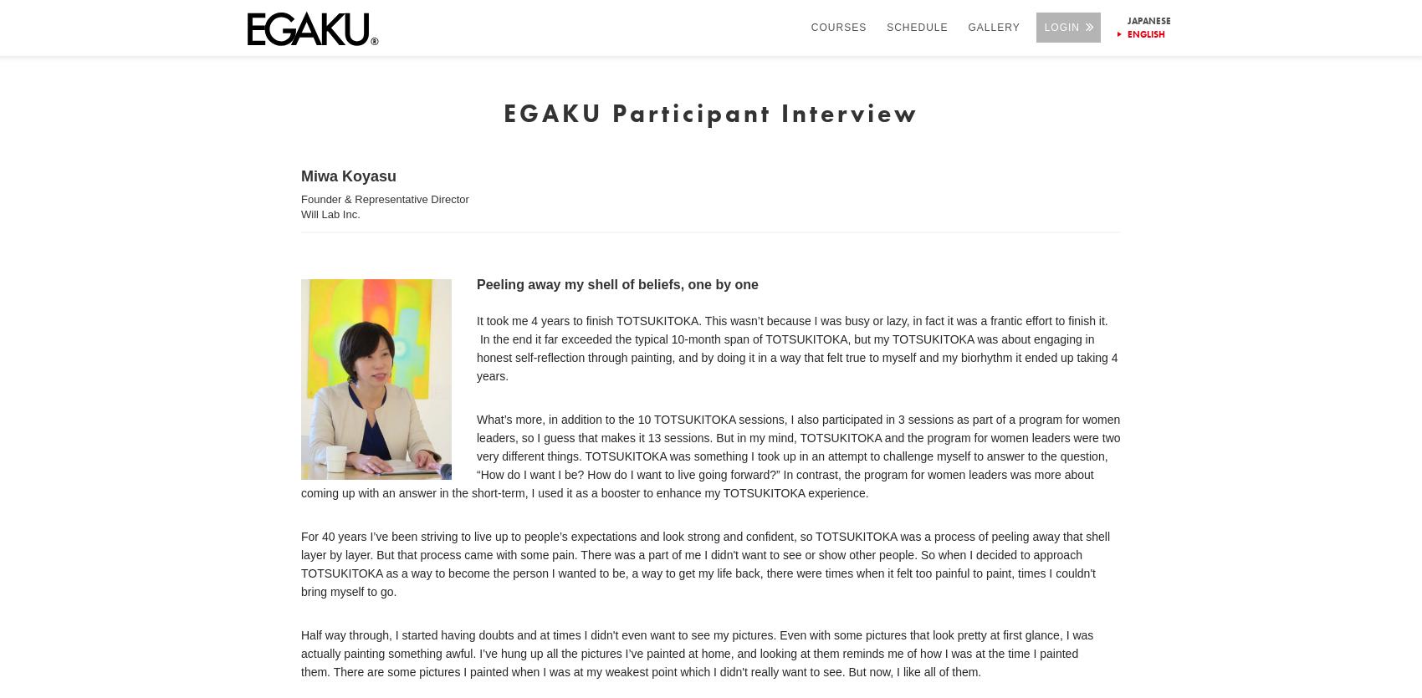  Describe the element at coordinates (696, 651) in the screenshot. I see `'Half way through, I started having doubts and at times I didn't even want to see my pictures. Even with some pictures that look pretty at first glance, I was actually painting something awful. I’ve hung up all the pictures I’ve painted at home, and looking at them reminds me of how I was at the time I painted them. There are some pictures I painted when I was at my weakest point which I didn't really want to see. But now, I like all of them.'` at that location.